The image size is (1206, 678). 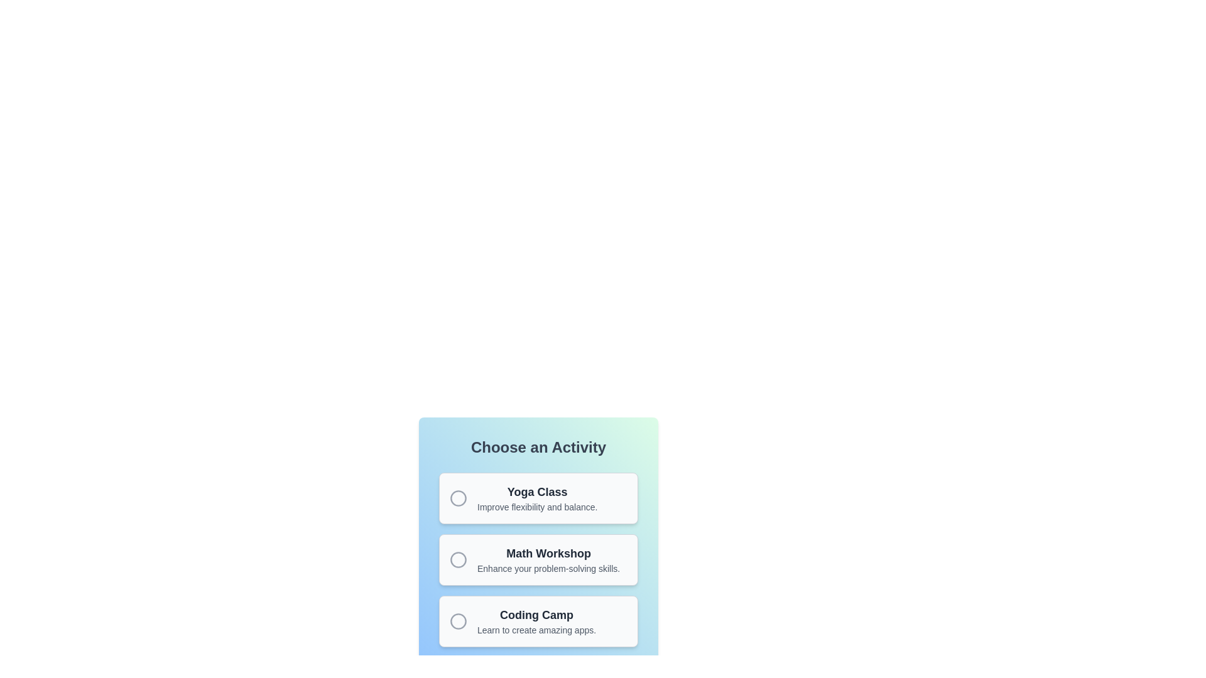 What do you see at coordinates (538, 498) in the screenshot?
I see `the 'Yoga Class' option in the selection list, which is the first item in a vertical list of three options` at bounding box center [538, 498].